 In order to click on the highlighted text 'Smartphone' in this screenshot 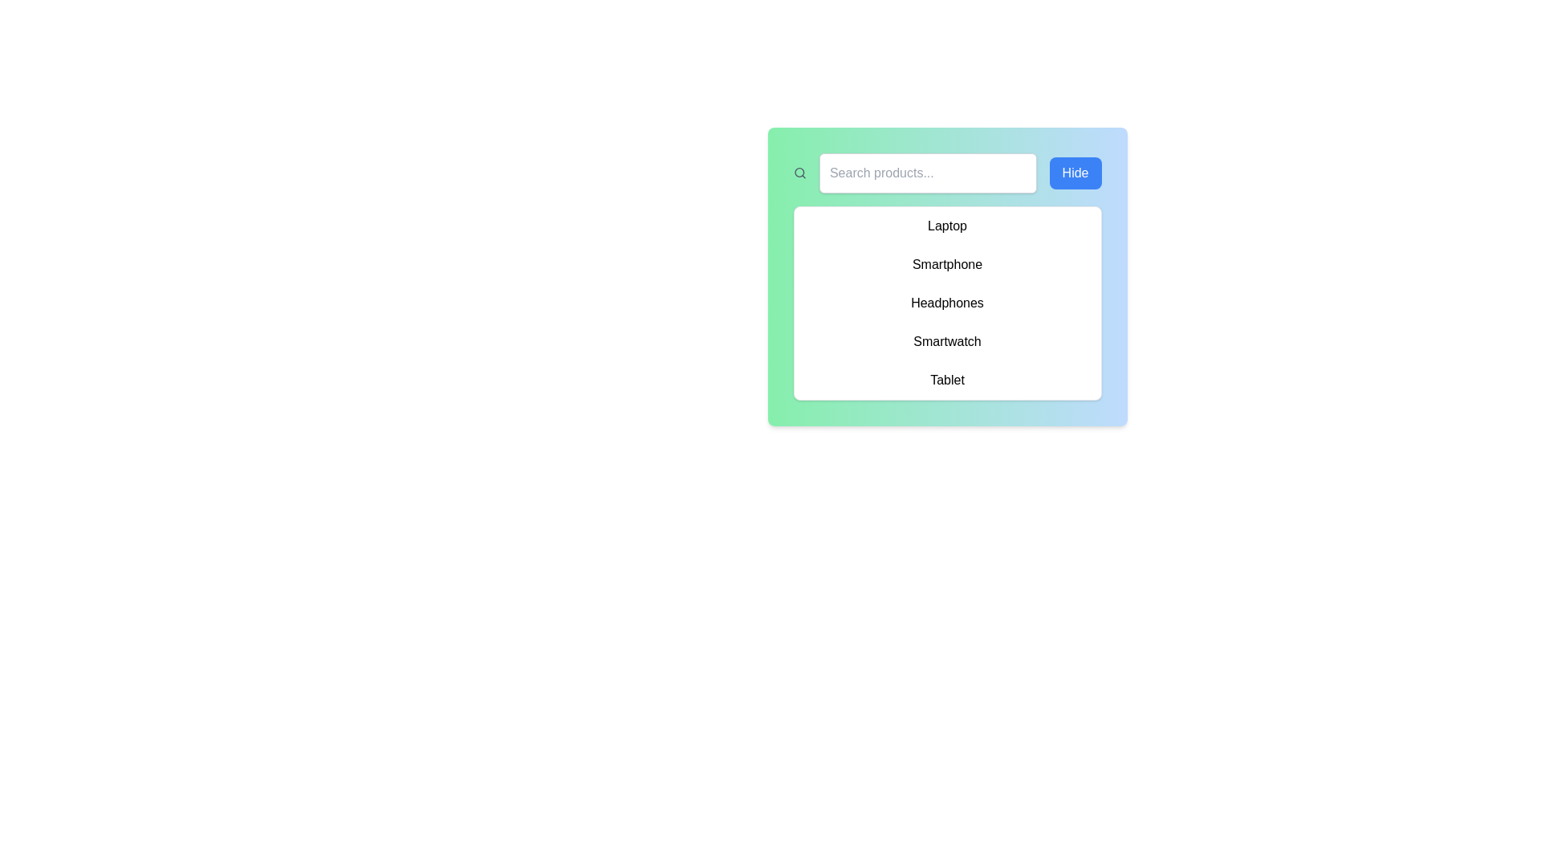, I will do `click(947, 275)`.